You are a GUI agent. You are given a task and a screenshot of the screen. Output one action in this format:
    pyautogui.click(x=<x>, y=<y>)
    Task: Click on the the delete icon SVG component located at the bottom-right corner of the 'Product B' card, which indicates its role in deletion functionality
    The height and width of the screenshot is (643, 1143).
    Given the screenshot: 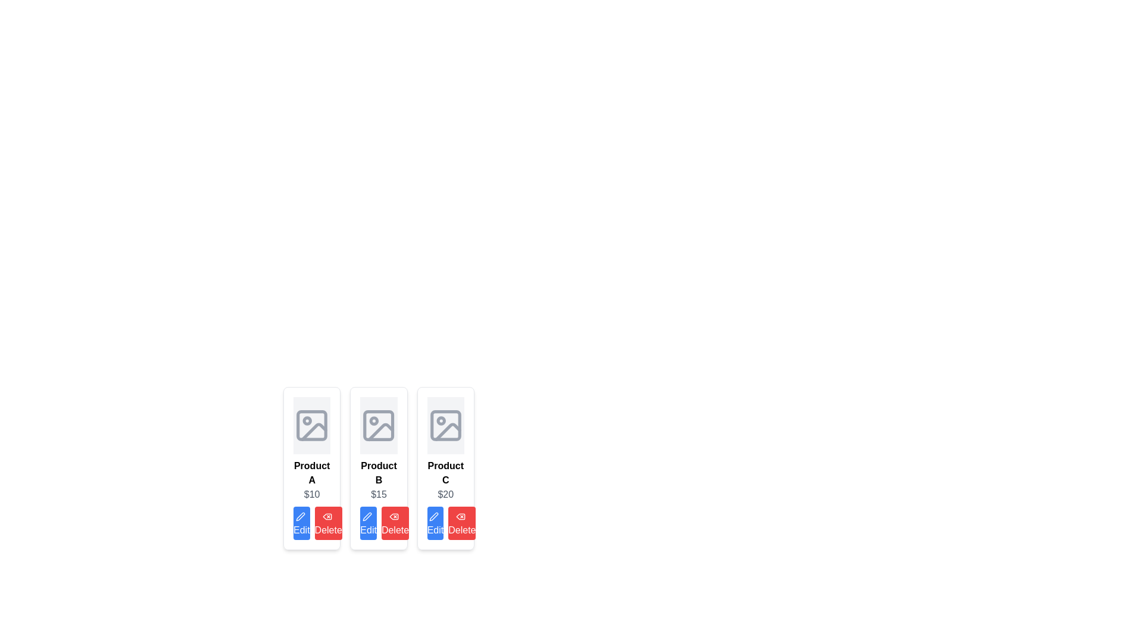 What is the action you would take?
    pyautogui.click(x=394, y=516)
    